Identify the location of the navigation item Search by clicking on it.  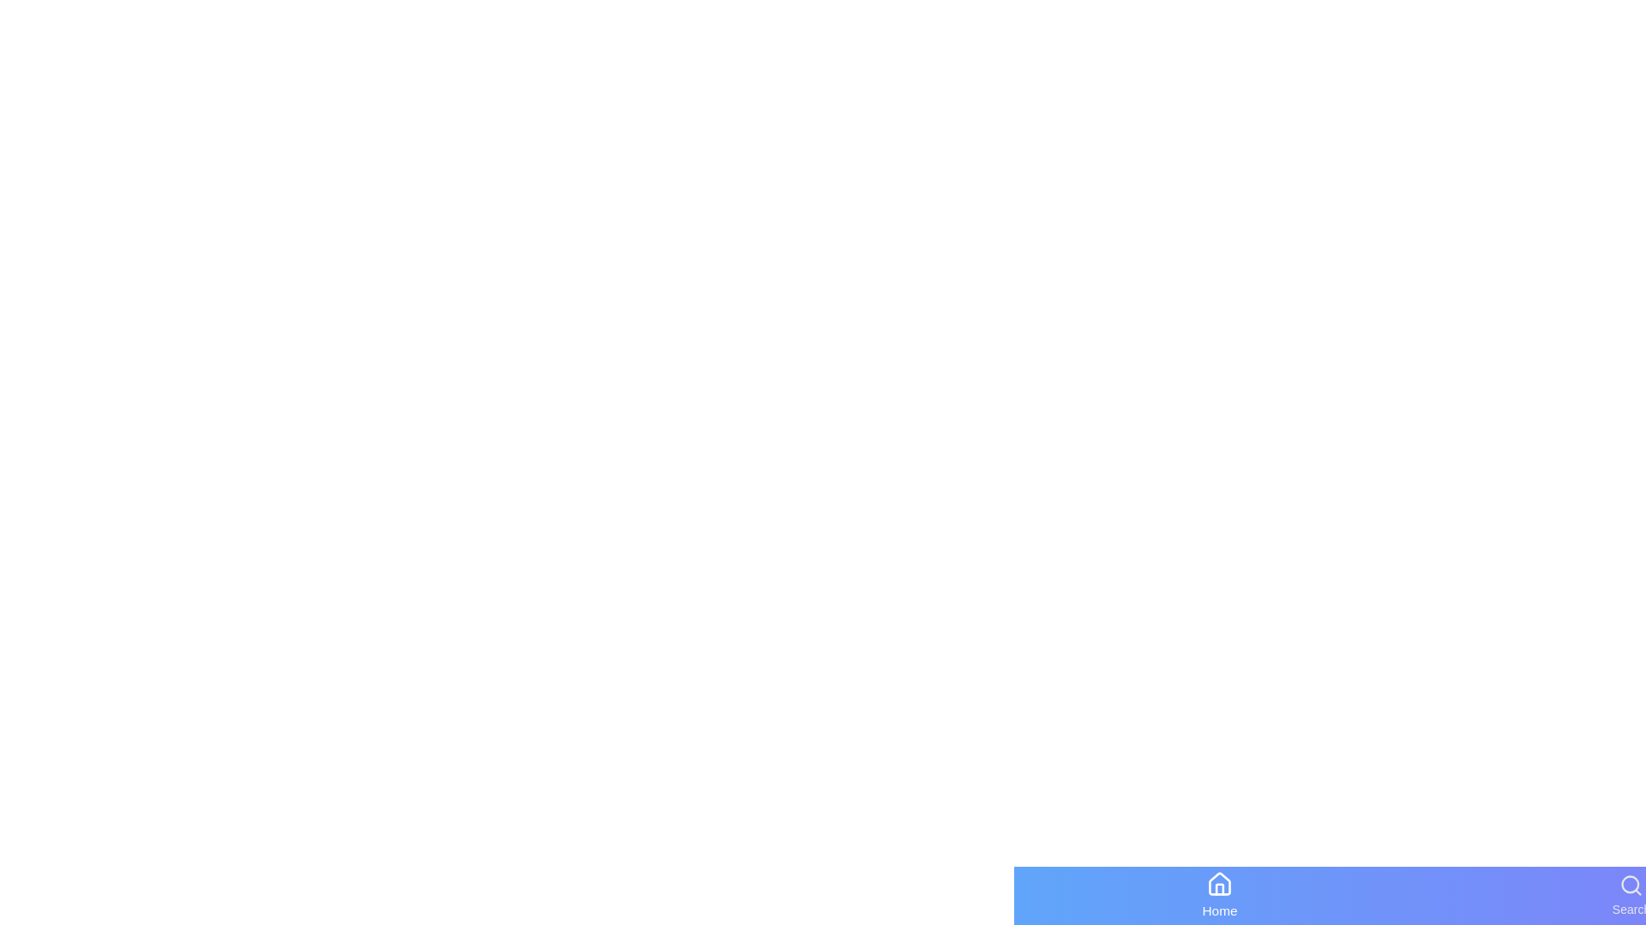
(1630, 894).